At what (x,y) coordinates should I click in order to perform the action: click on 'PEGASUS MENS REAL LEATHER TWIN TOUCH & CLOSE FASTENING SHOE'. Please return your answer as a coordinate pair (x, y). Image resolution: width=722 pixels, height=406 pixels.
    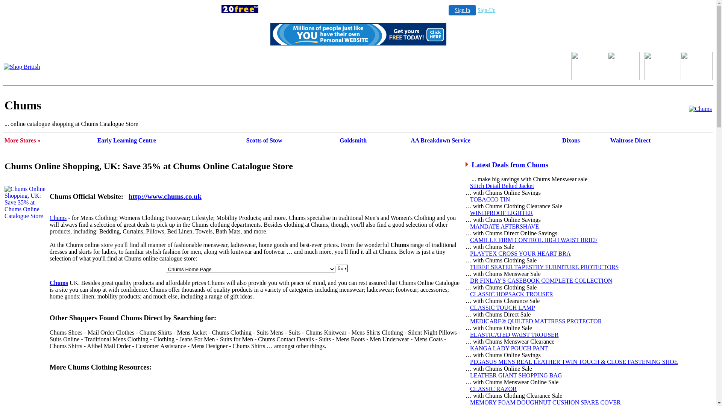
    Looking at the image, I should click on (573, 361).